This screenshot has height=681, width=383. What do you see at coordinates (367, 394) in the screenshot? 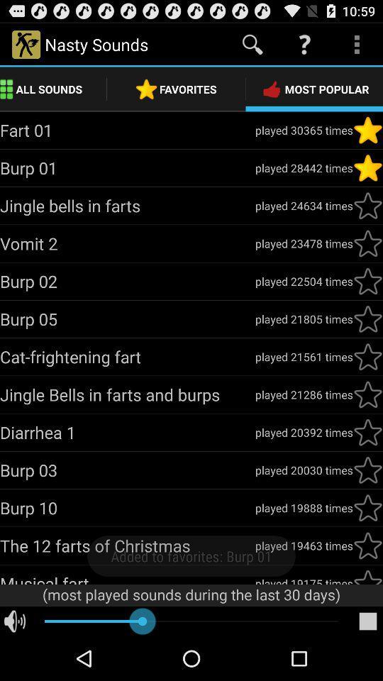
I see `as favorite` at bounding box center [367, 394].